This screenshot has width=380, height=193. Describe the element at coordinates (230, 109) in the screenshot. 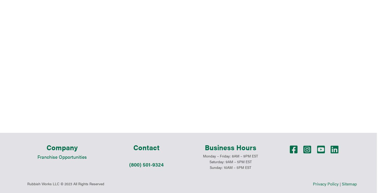

I see `'Saturday: 9AM – 5PM EST'` at that location.